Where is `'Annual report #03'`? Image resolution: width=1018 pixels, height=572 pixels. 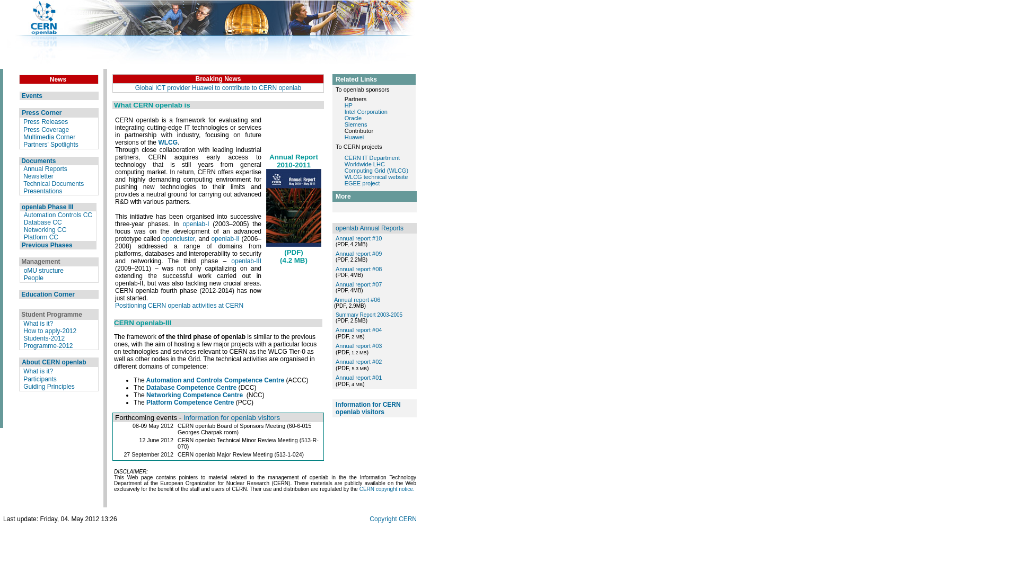 'Annual report #03' is located at coordinates (358, 345).